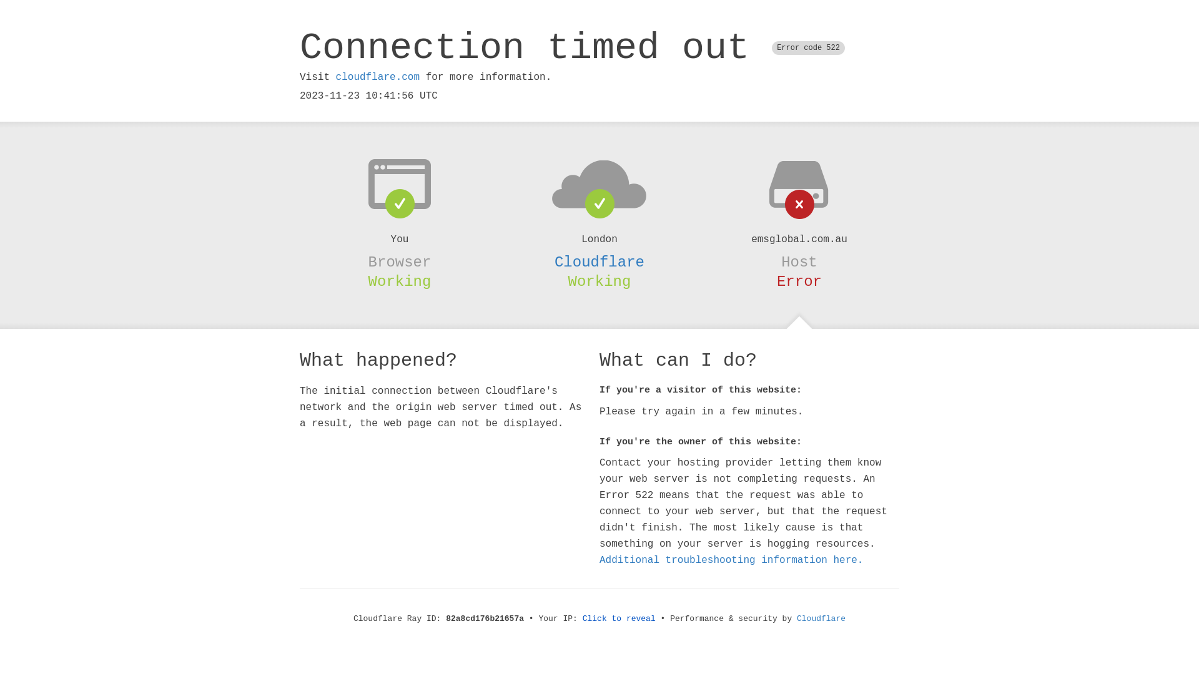 Image resolution: width=1199 pixels, height=674 pixels. What do you see at coordinates (599, 560) in the screenshot?
I see `'Additional troubleshooting information here.'` at bounding box center [599, 560].